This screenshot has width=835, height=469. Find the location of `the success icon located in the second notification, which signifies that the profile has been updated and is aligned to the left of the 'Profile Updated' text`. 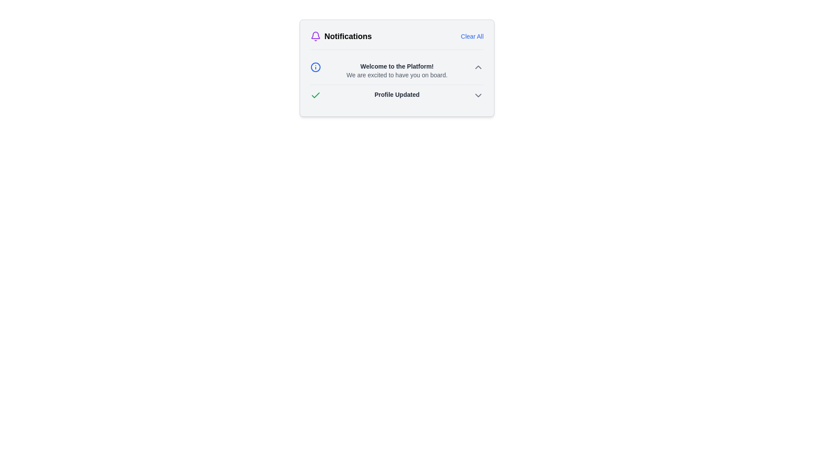

the success icon located in the second notification, which signifies that the profile has been updated and is aligned to the left of the 'Profile Updated' text is located at coordinates (315, 95).